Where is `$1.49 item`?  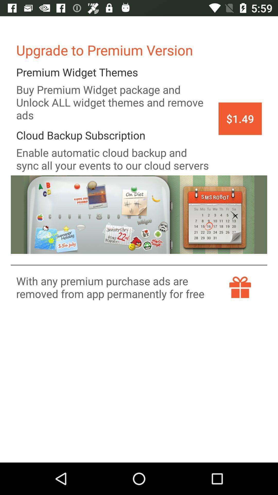
$1.49 item is located at coordinates (240, 118).